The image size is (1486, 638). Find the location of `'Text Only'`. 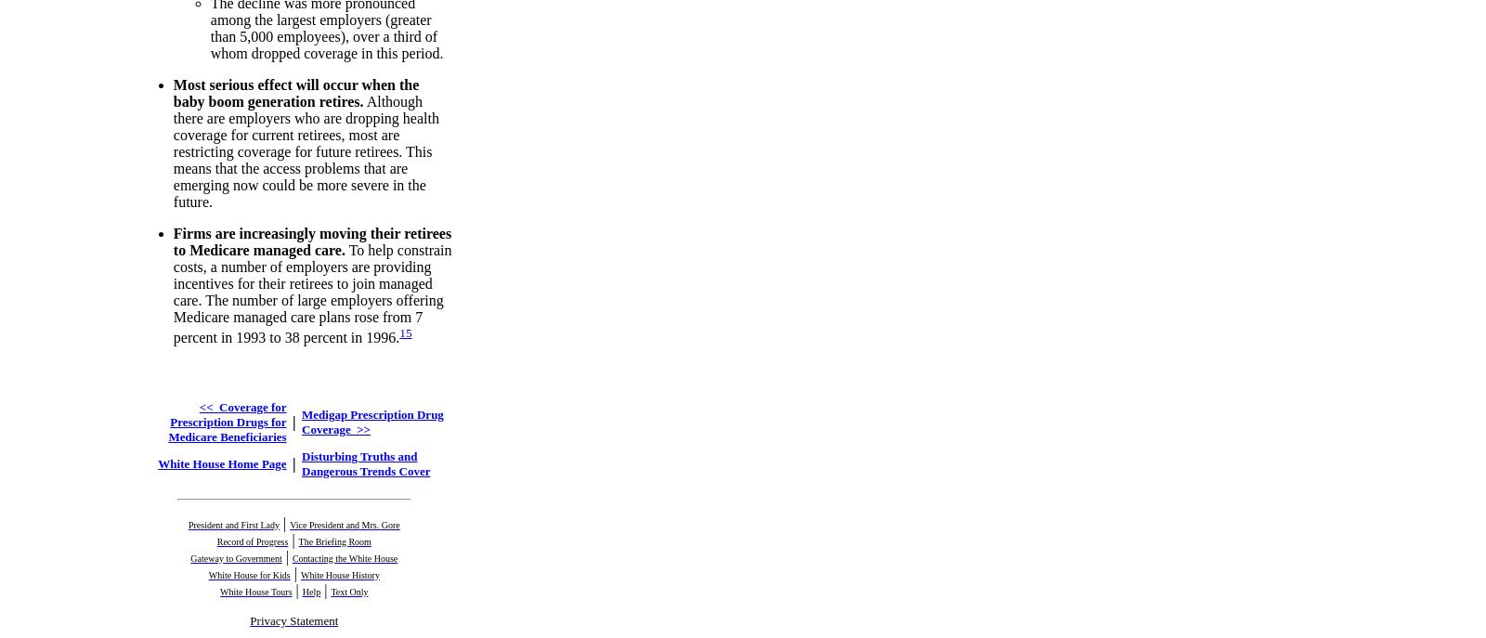

'Text Only' is located at coordinates (349, 591).